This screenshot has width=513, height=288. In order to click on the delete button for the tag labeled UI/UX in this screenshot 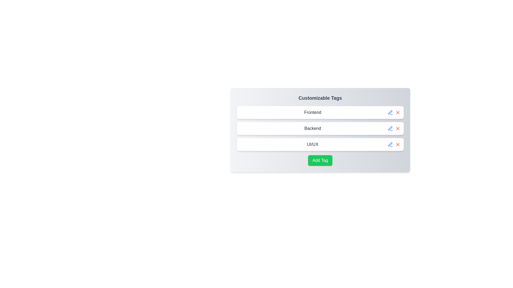, I will do `click(398, 145)`.